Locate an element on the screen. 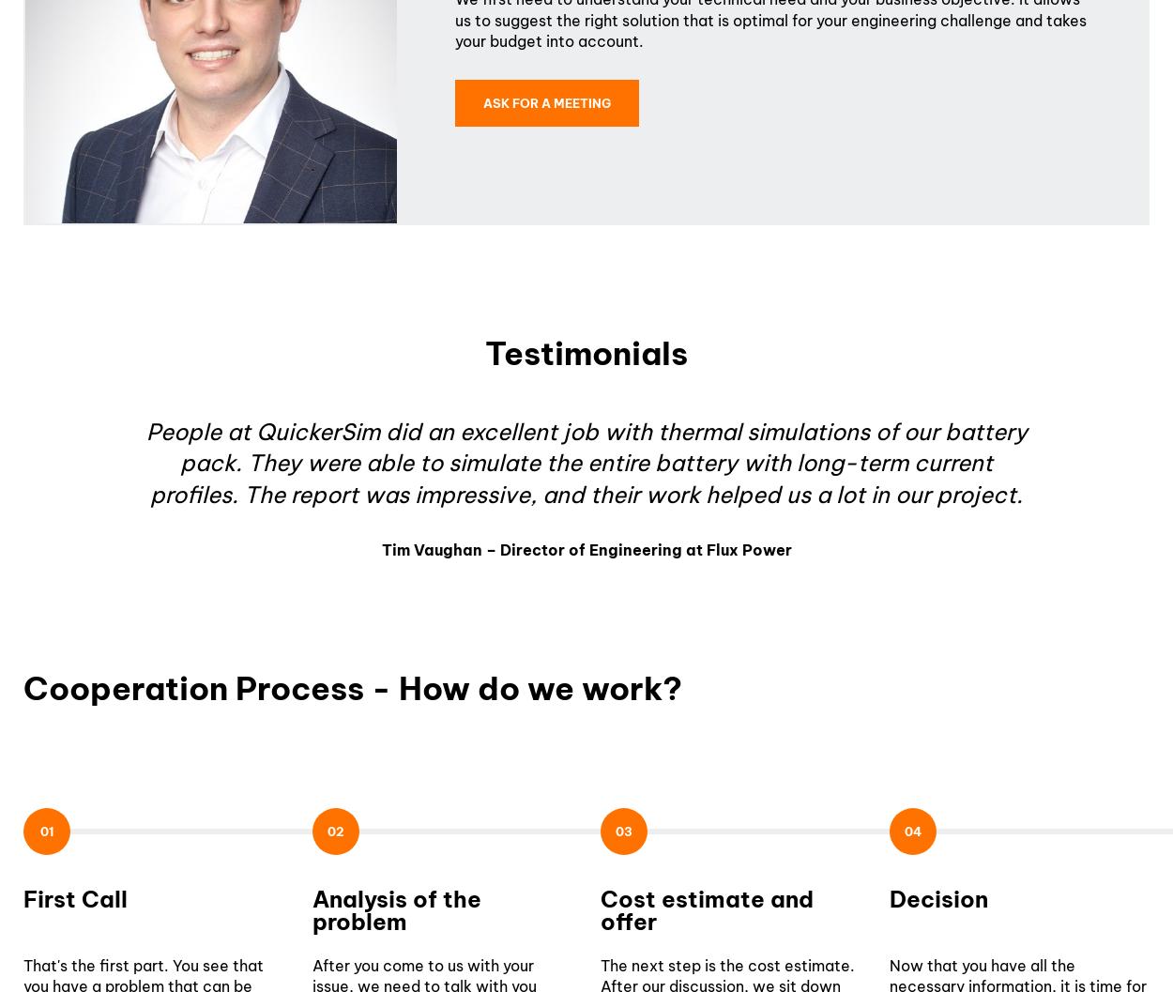 This screenshot has width=1173, height=992. 'Cost estimate and offer' is located at coordinates (707, 908).